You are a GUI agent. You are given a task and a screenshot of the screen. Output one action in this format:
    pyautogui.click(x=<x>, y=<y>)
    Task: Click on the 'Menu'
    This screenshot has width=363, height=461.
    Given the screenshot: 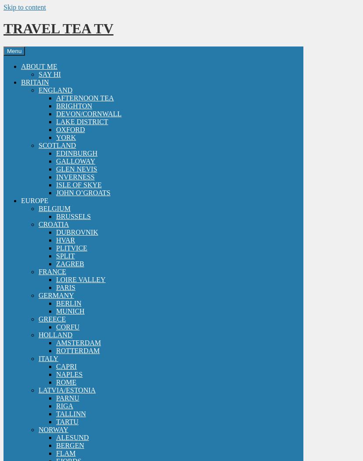 What is the action you would take?
    pyautogui.click(x=14, y=50)
    